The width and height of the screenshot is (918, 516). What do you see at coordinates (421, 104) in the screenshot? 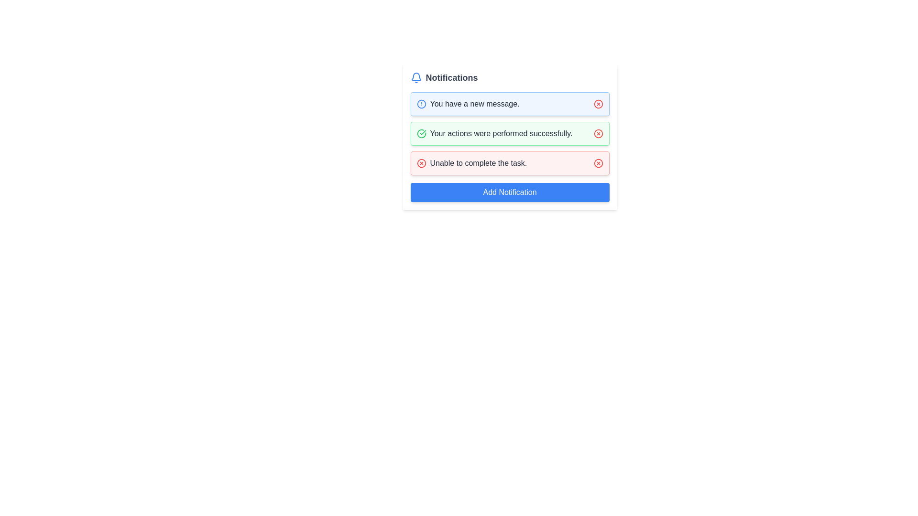
I see `Circular icon located in the topmost notification entry of the notification panel for additional information` at bounding box center [421, 104].